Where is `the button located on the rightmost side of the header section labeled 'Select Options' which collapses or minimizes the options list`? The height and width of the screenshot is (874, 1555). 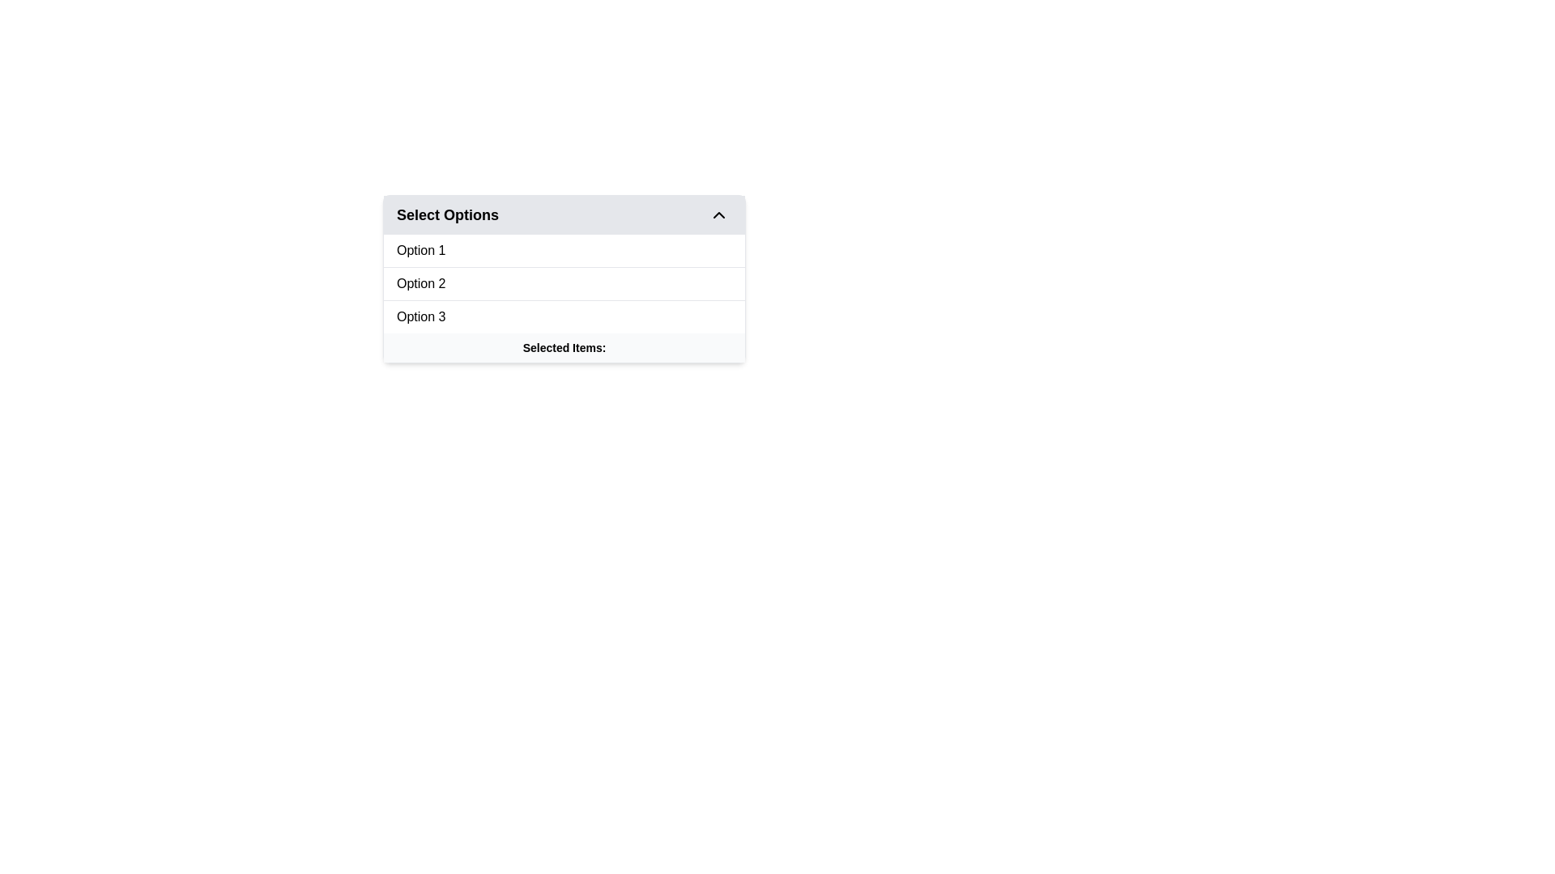
the button located on the rightmost side of the header section labeled 'Select Options' which collapses or minimizes the options list is located at coordinates (718, 214).